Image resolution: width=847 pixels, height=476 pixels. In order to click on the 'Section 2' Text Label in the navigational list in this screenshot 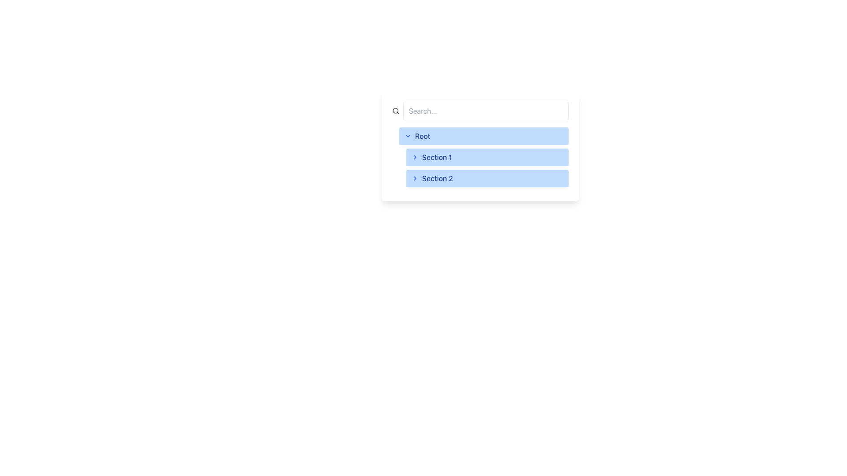, I will do `click(437, 178)`.